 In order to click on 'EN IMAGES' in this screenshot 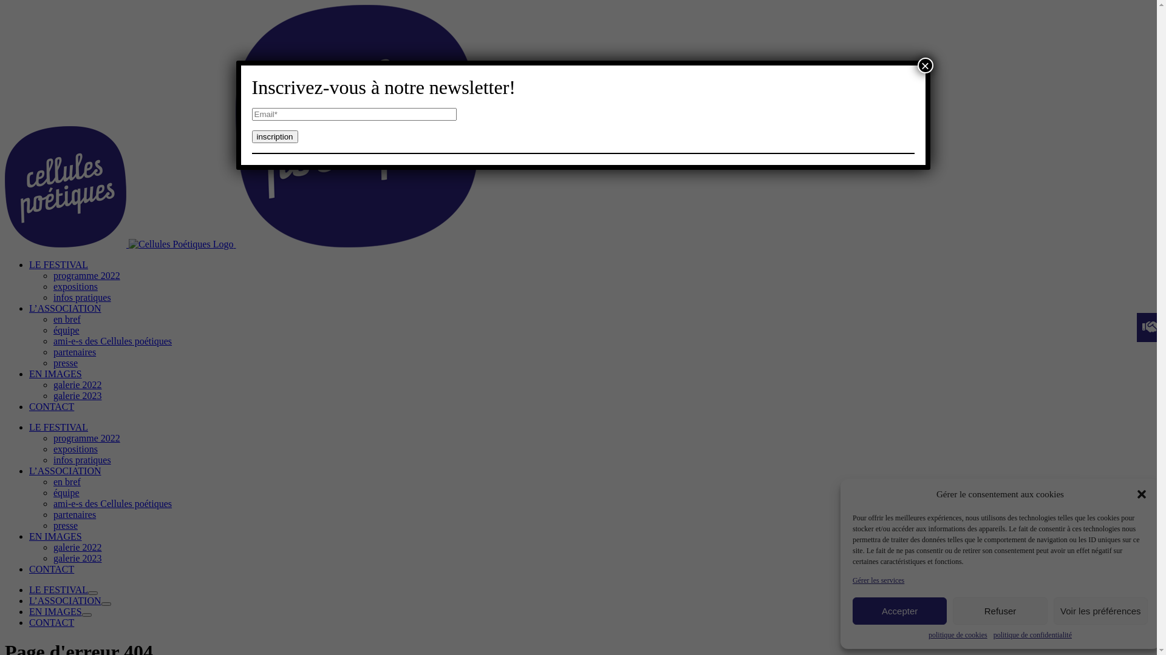, I will do `click(55, 611)`.